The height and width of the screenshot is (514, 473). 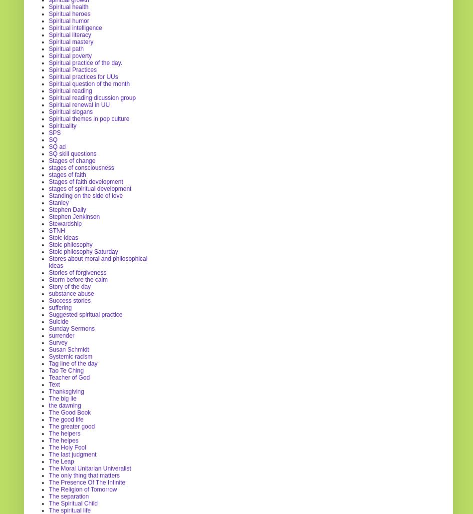 What do you see at coordinates (74, 216) in the screenshot?
I see `'Stephen Jenkinson'` at bounding box center [74, 216].